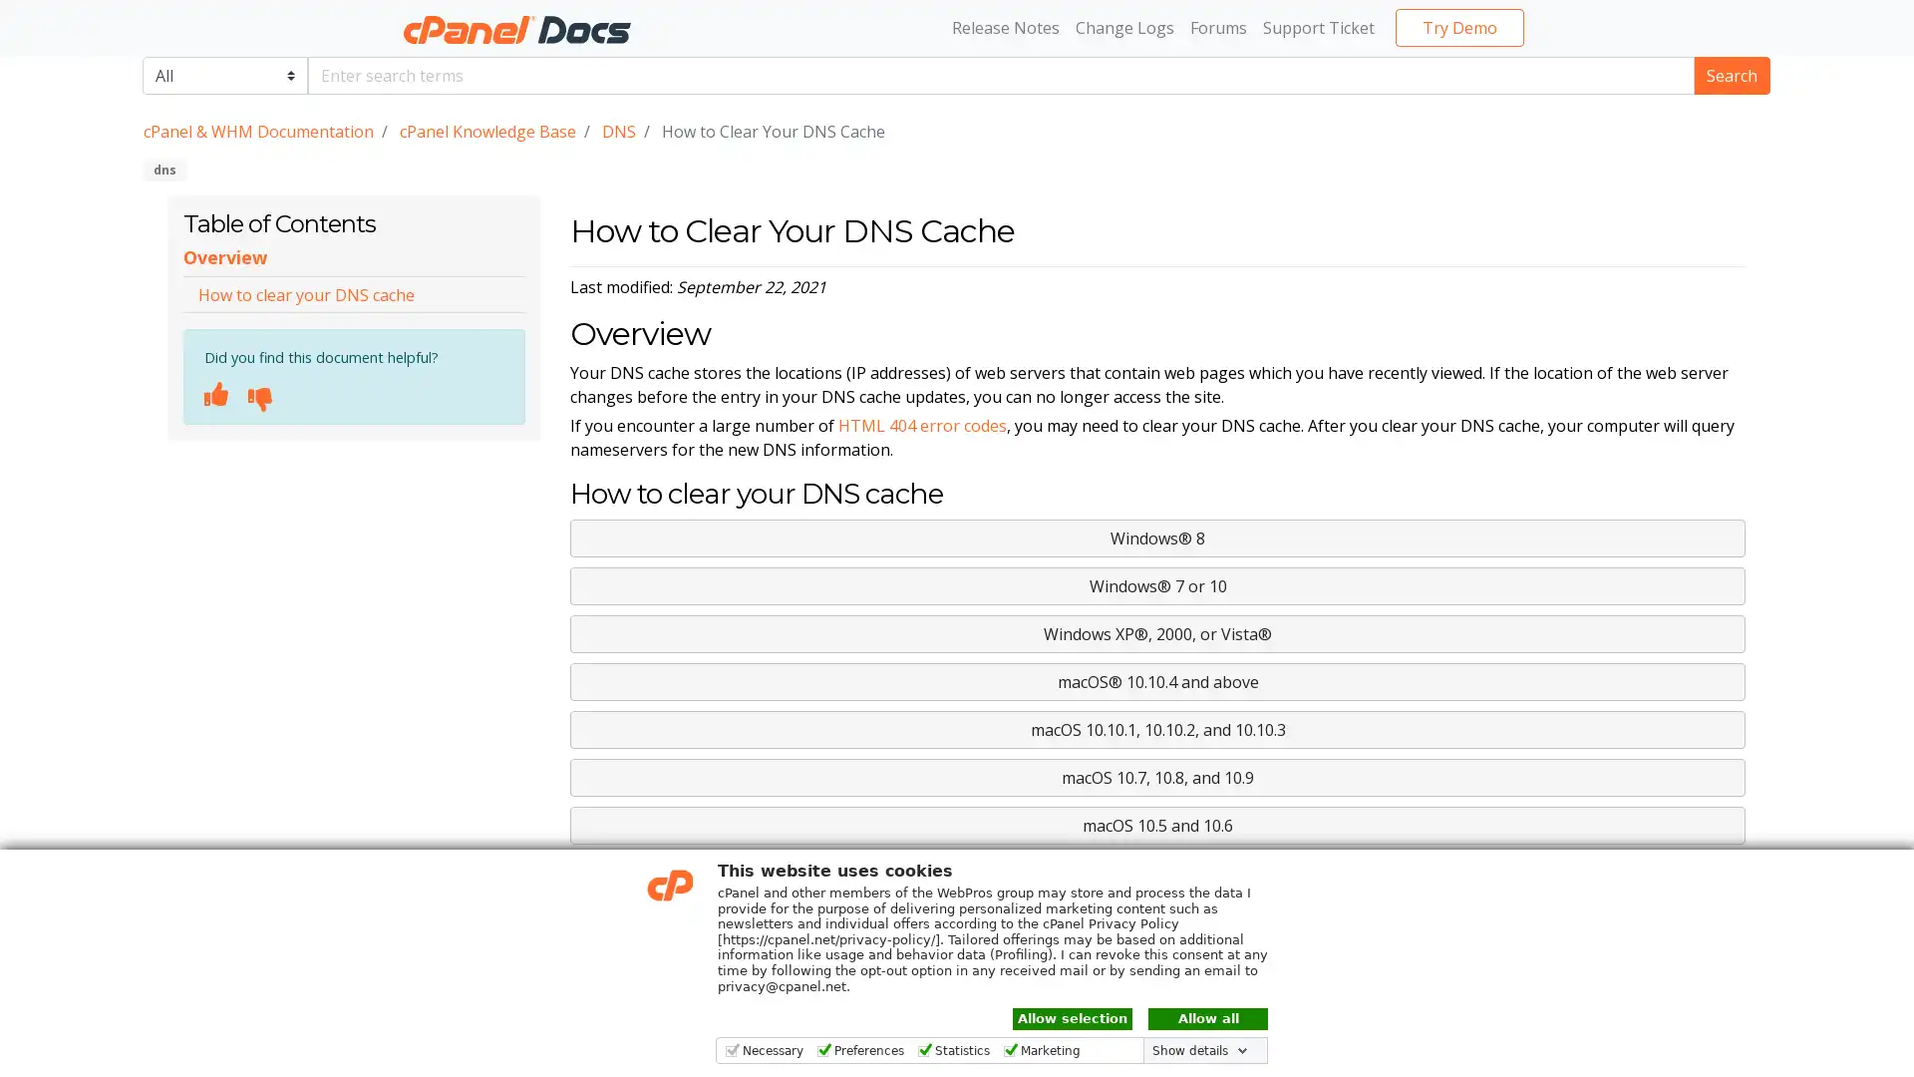 This screenshot has width=1914, height=1077. What do you see at coordinates (1157, 584) in the screenshot?
I see `Windows 7 or 10` at bounding box center [1157, 584].